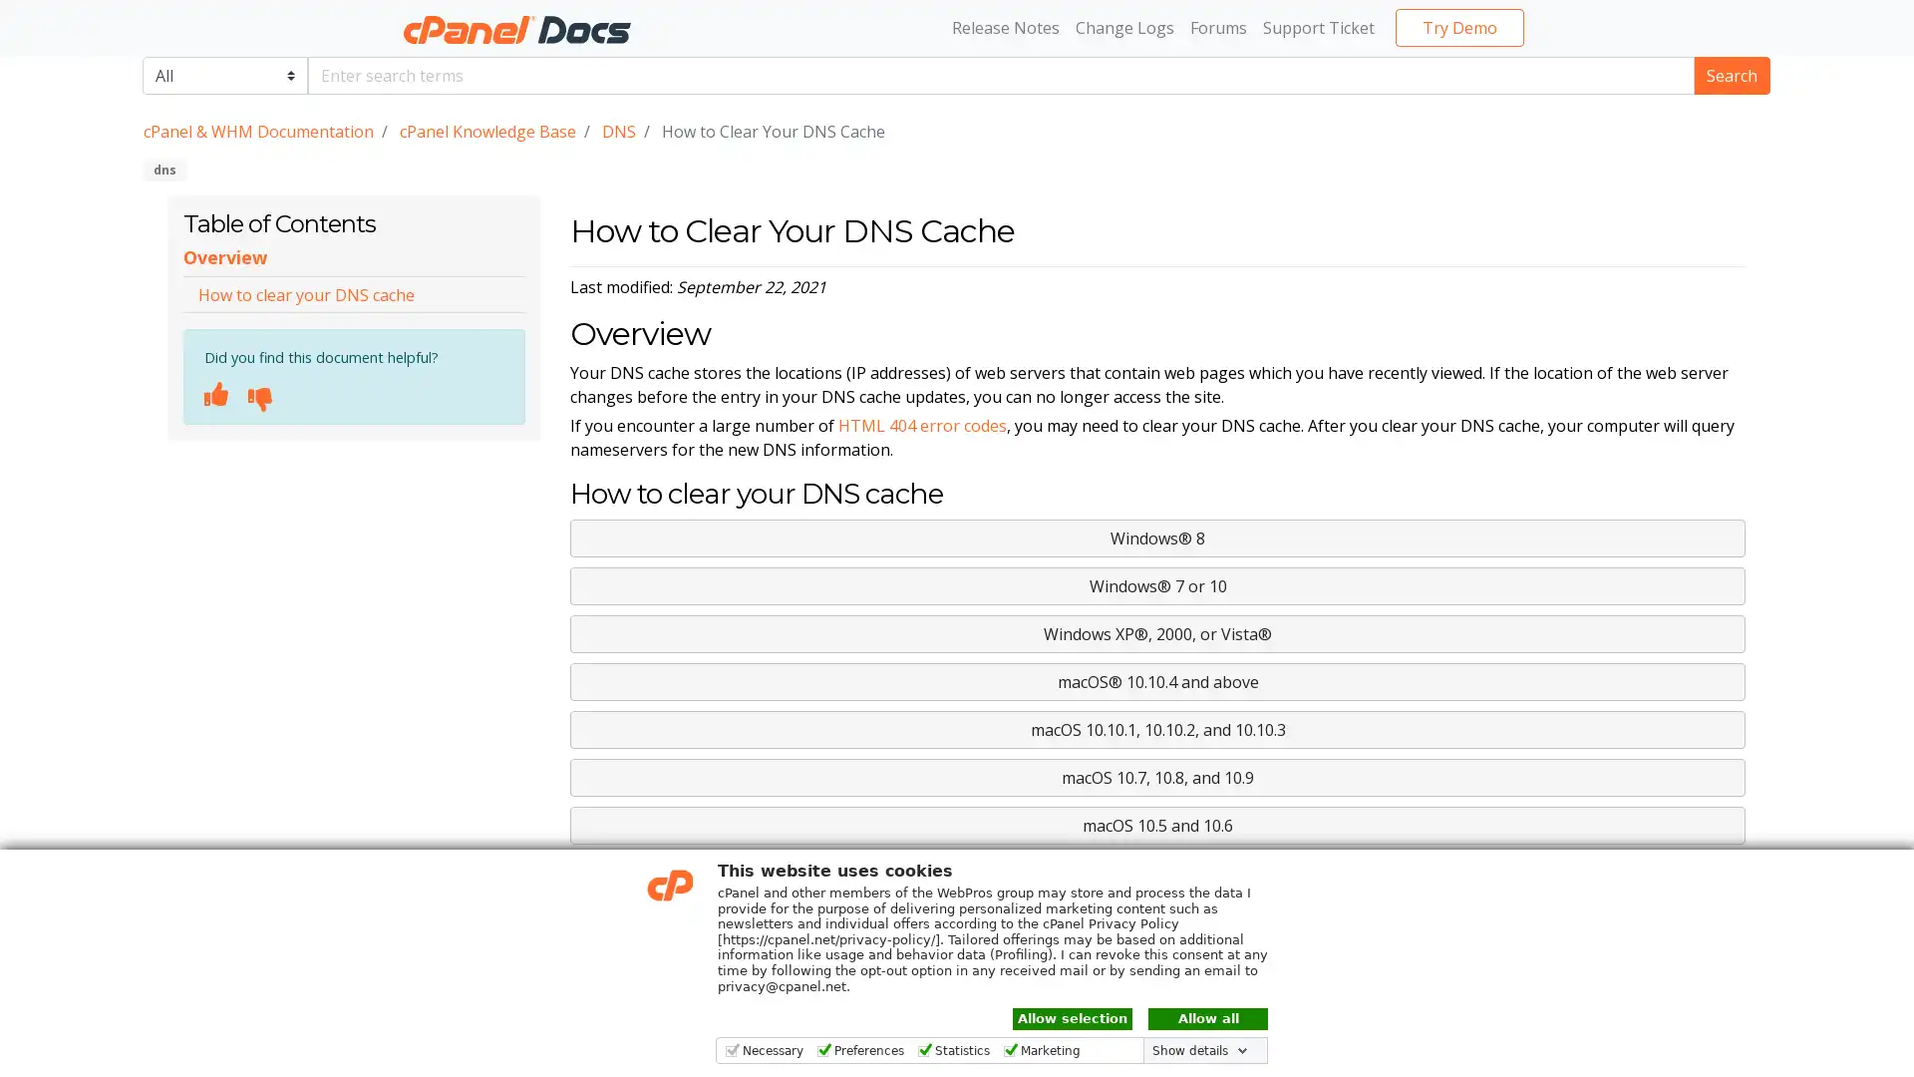 This screenshot has width=1914, height=1077. What do you see at coordinates (1157, 584) in the screenshot?
I see `Windows 7 or 10` at bounding box center [1157, 584].